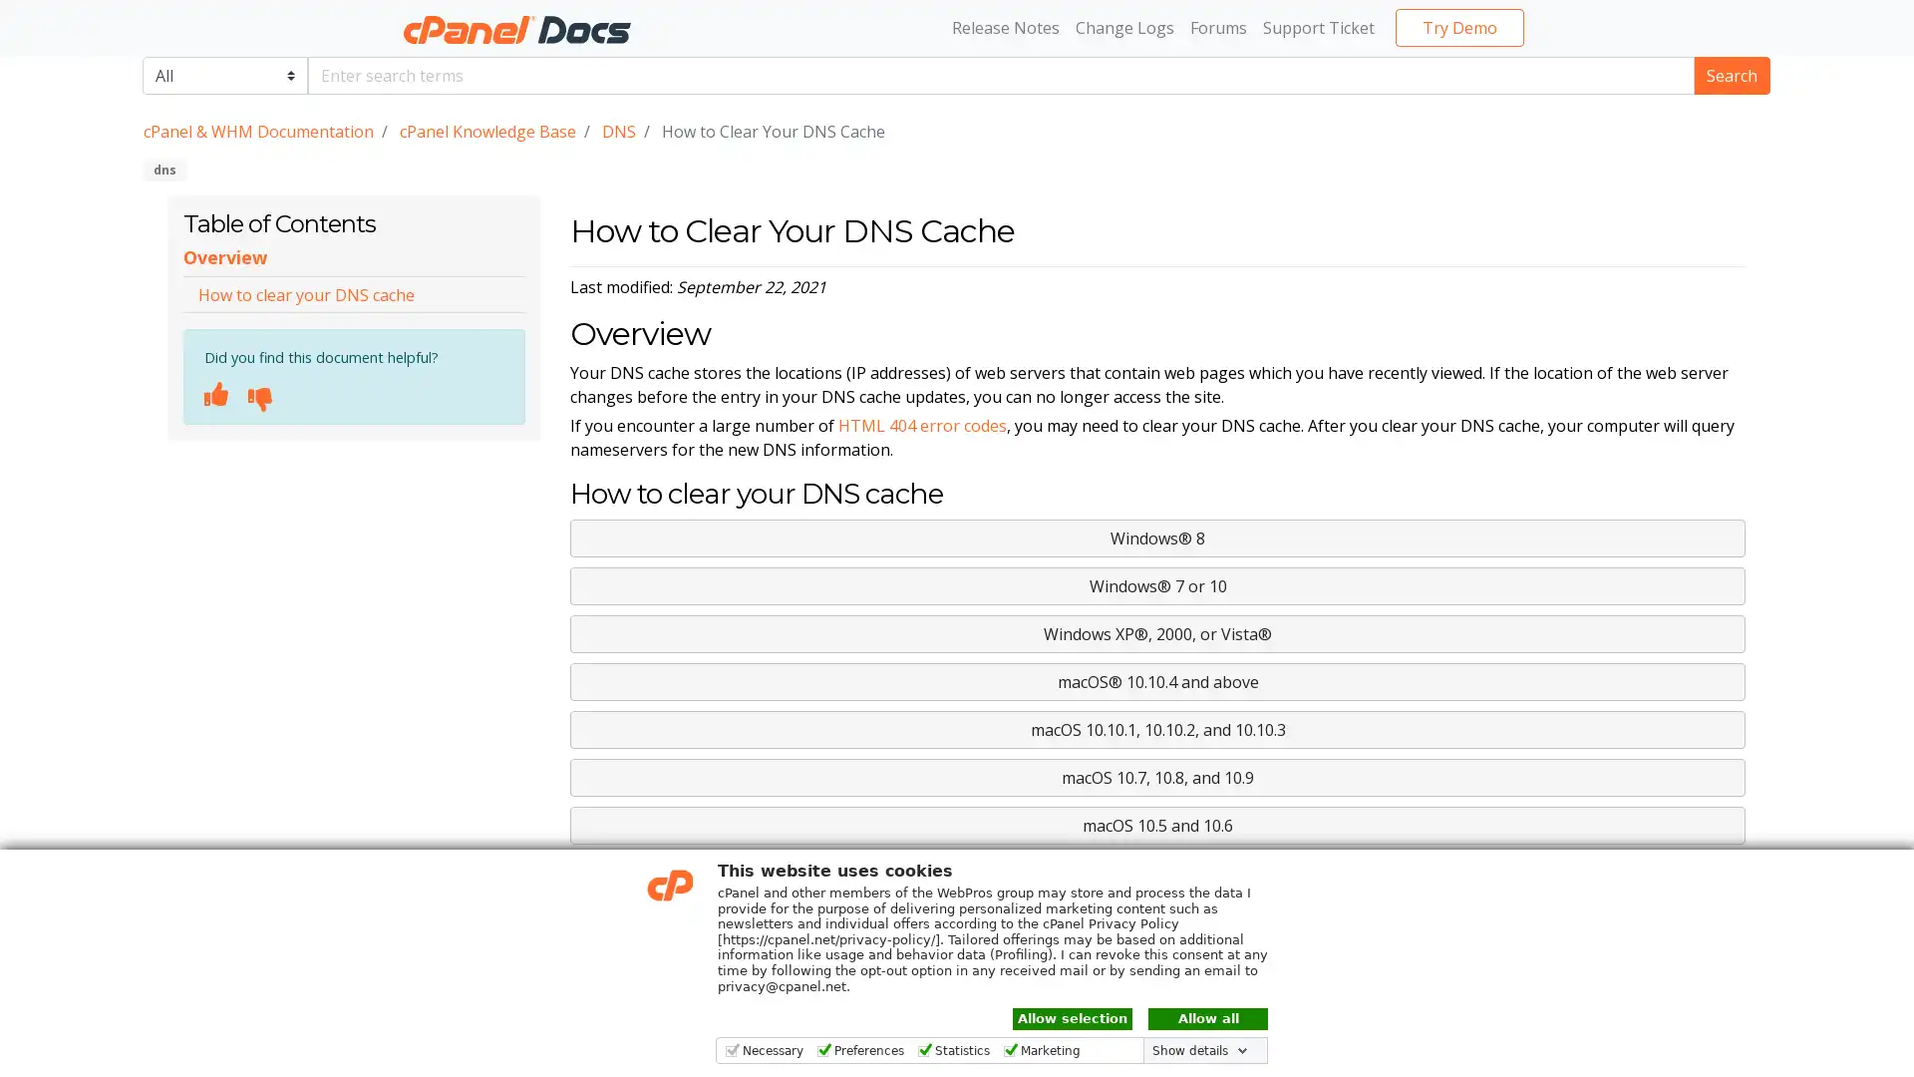 This screenshot has width=1914, height=1077. What do you see at coordinates (1157, 584) in the screenshot?
I see `Windows 7 or 10` at bounding box center [1157, 584].